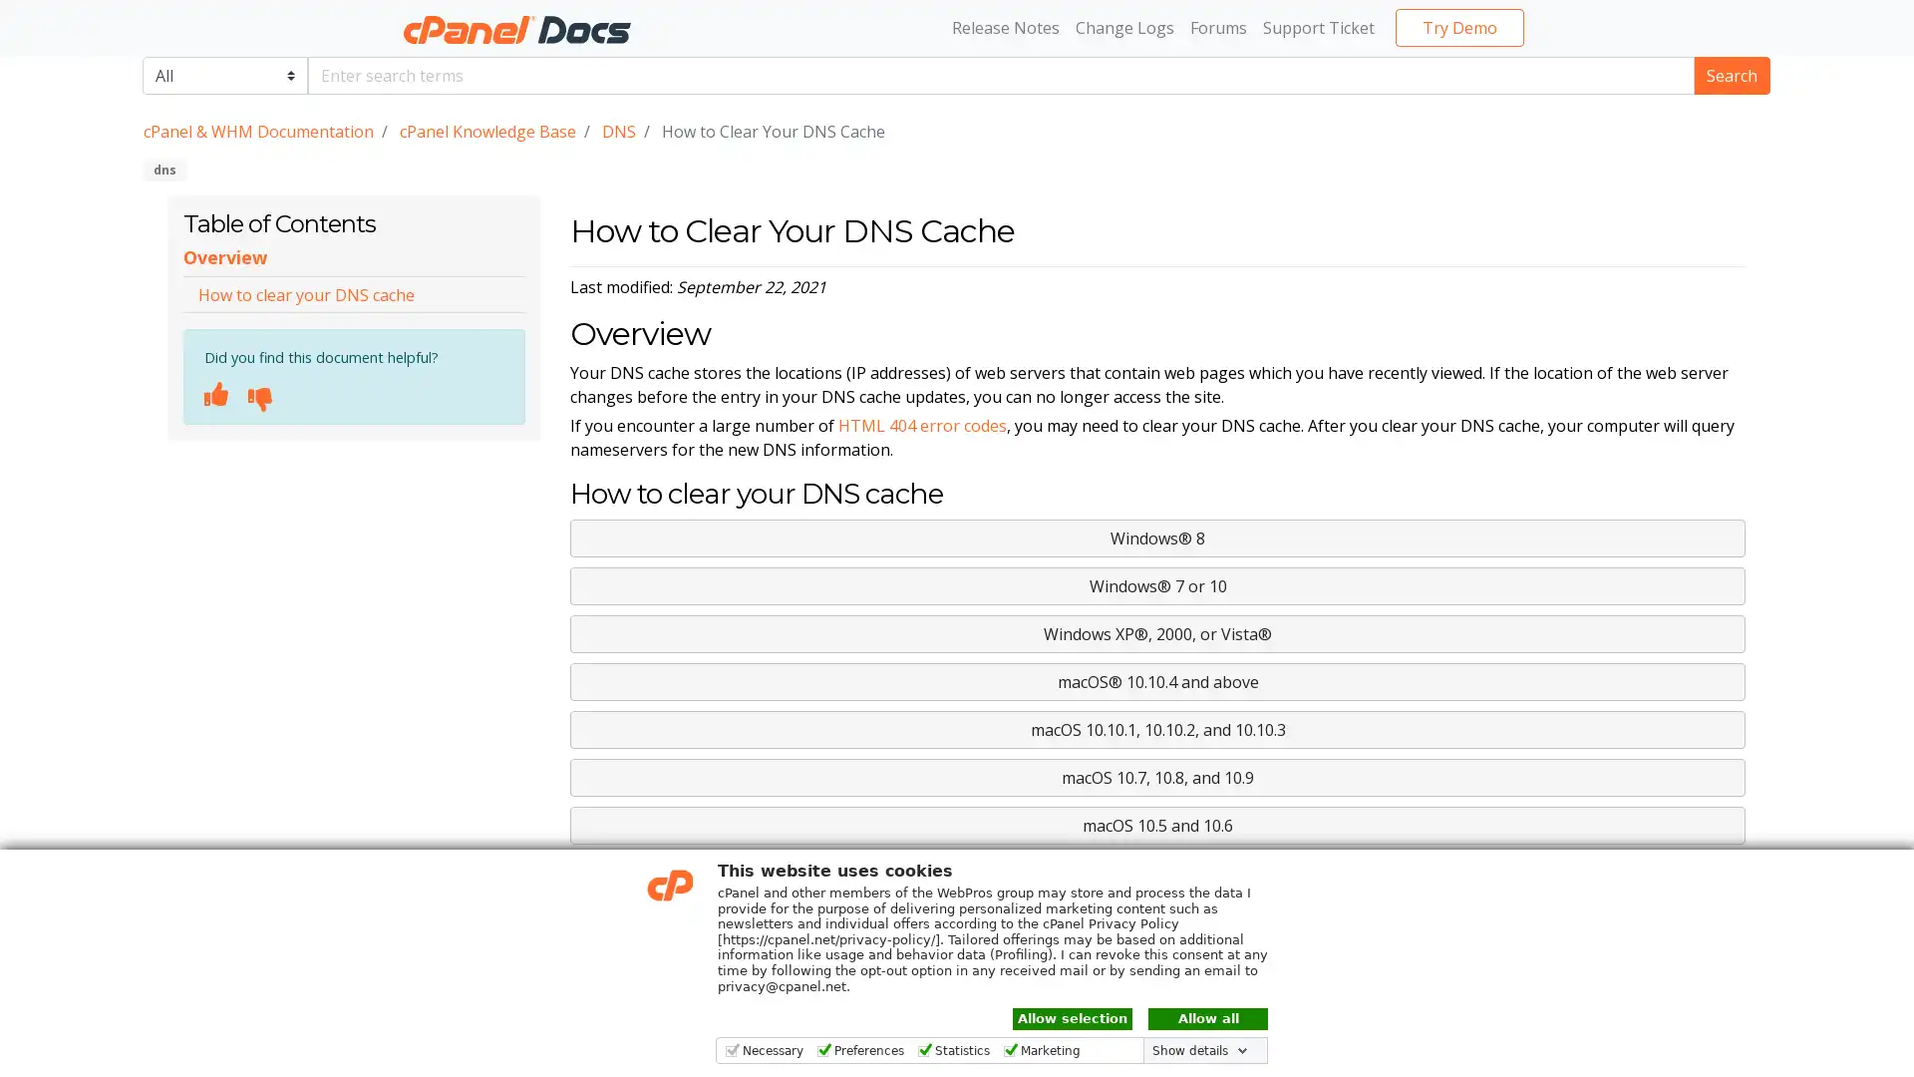 This screenshot has width=1914, height=1077. What do you see at coordinates (1157, 584) in the screenshot?
I see `Windows 7 or 10` at bounding box center [1157, 584].